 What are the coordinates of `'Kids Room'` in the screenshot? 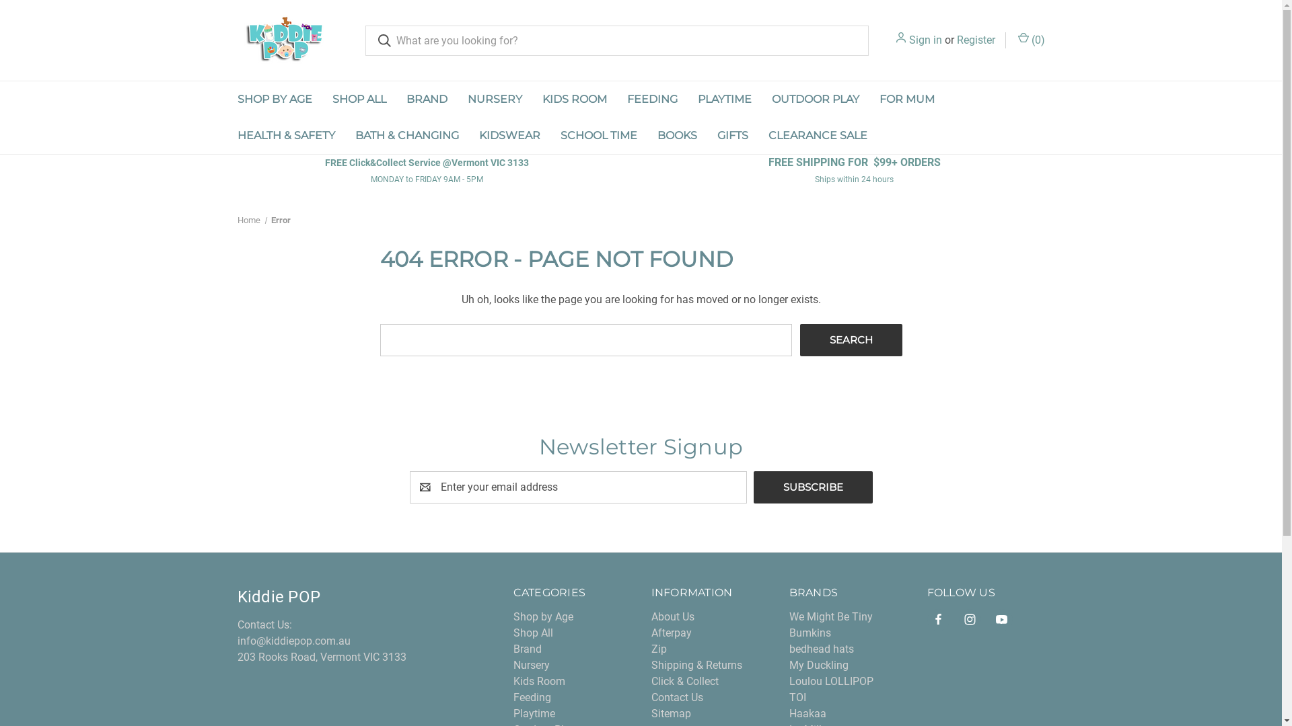 It's located at (539, 681).